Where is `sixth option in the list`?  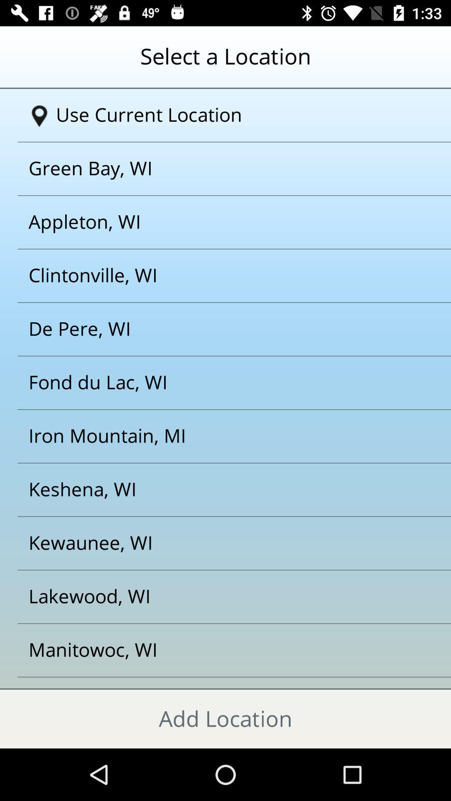 sixth option in the list is located at coordinates (215, 382).